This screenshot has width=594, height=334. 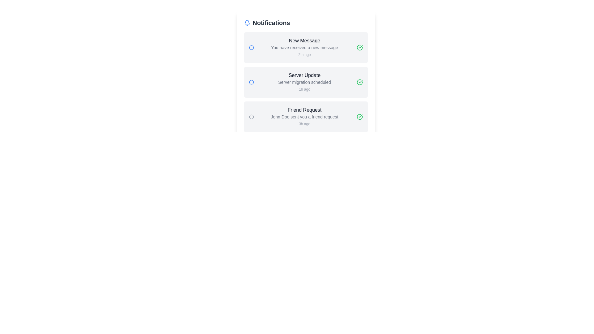 I want to click on the Notification item titled 'Server Update' which is the second in a vertical list of notifications, so click(x=304, y=82).